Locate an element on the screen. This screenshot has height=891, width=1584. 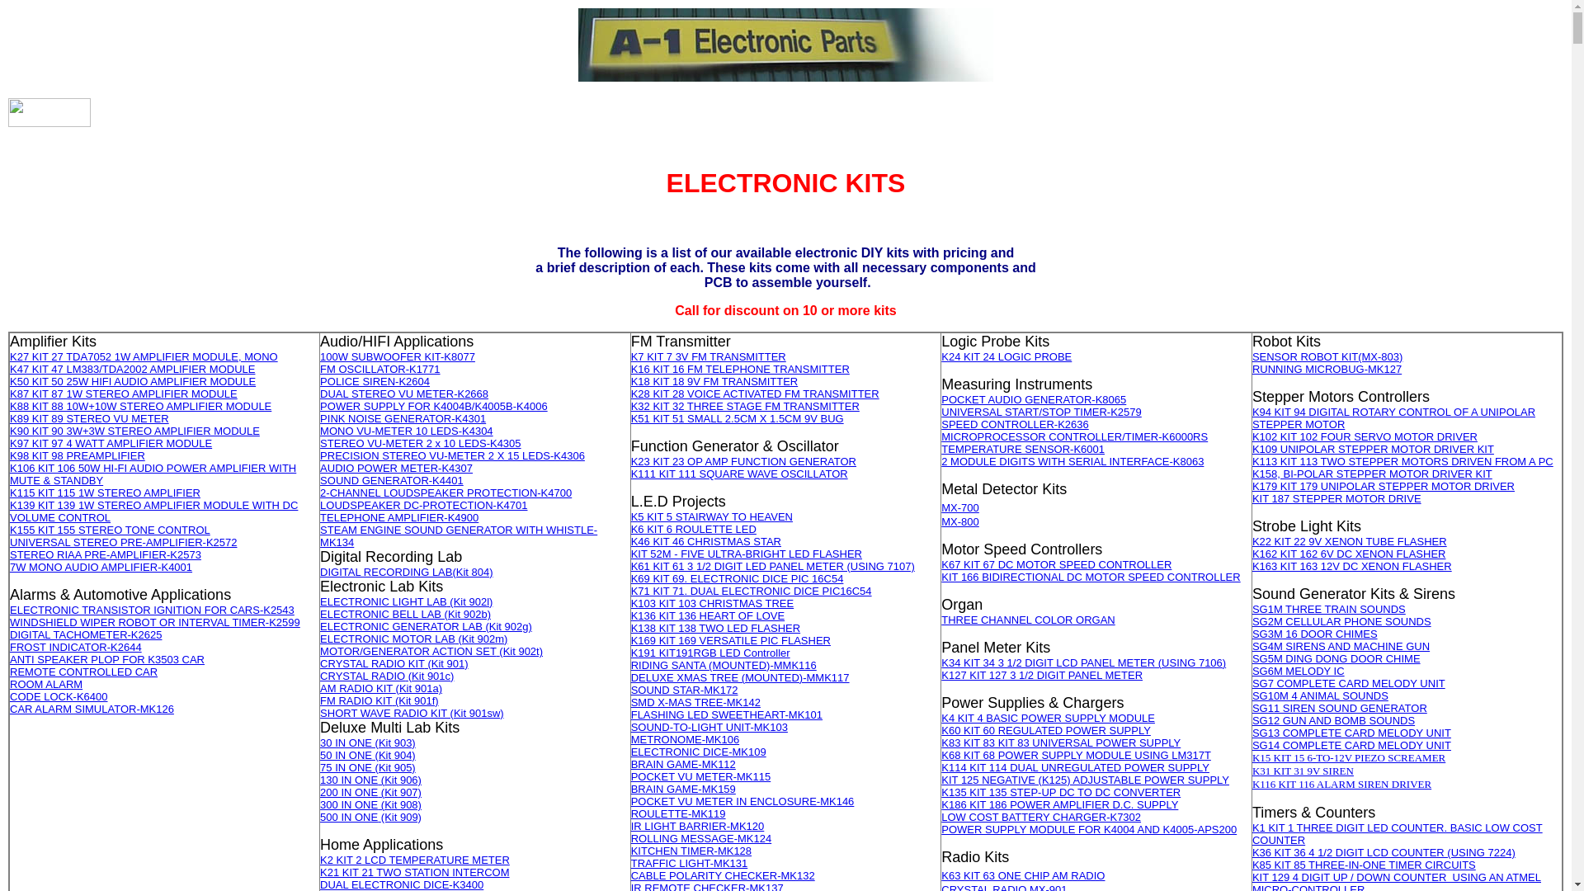
'K7 KIT 7 3V FM TRANSMITTER' is located at coordinates (709, 356).